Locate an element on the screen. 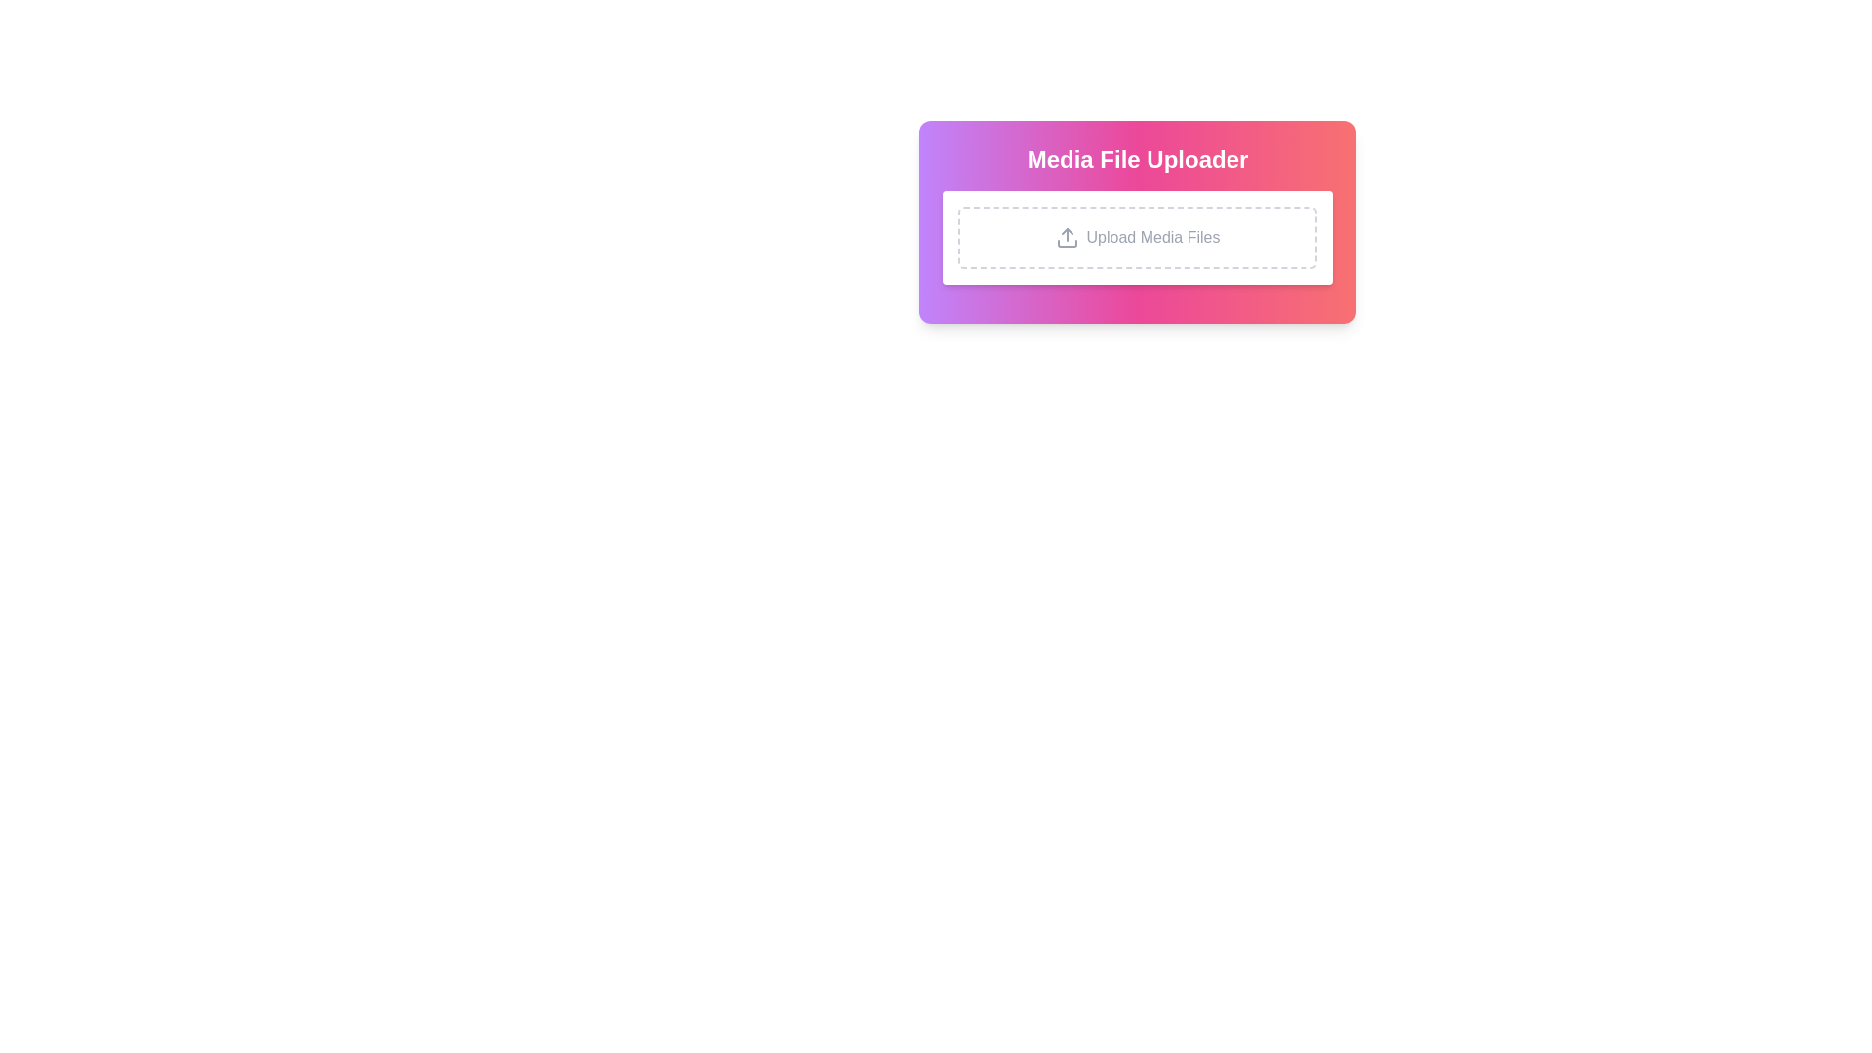 The image size is (1872, 1053). the lower horizontal line of the upload icon in the SVG graphic, which is positioned in the center of the file upload interface is located at coordinates (1066, 243).